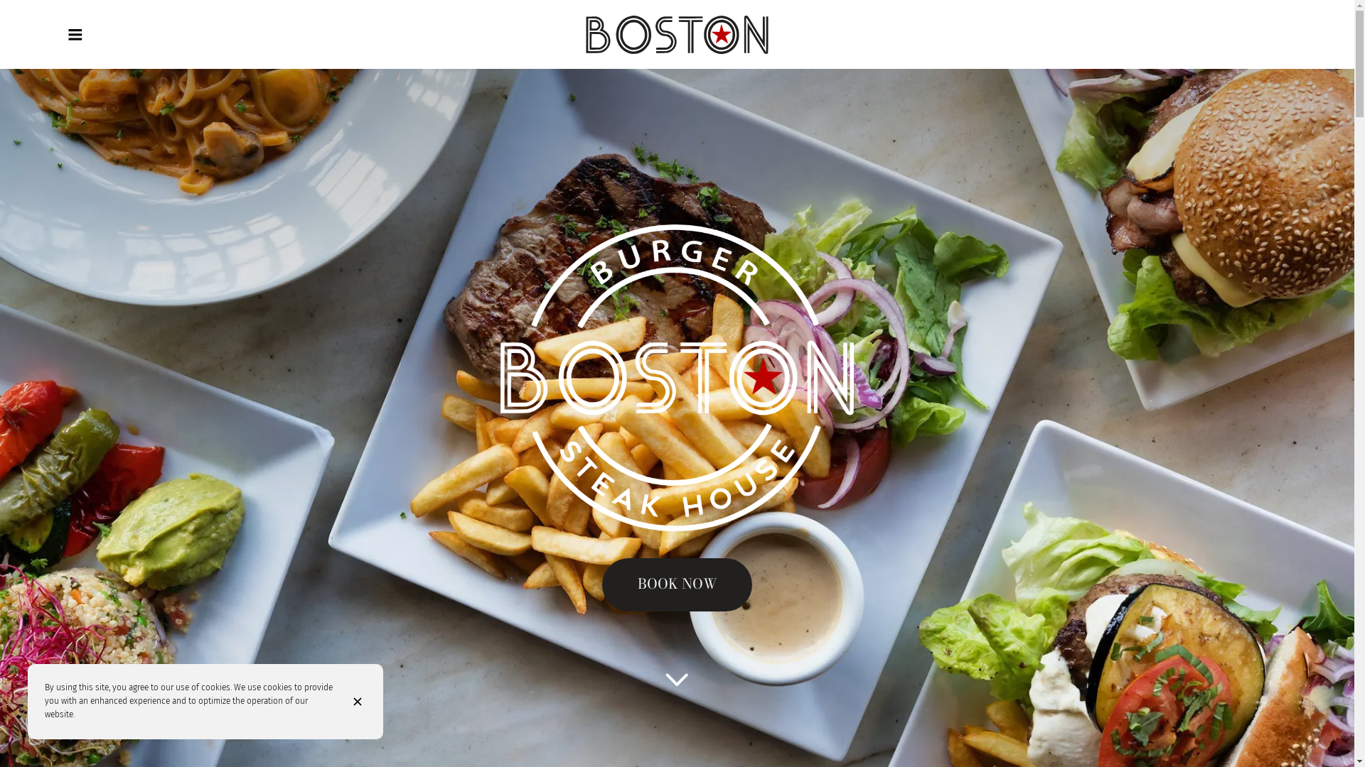 This screenshot has width=1365, height=767. I want to click on 'BOSTON STEAK HOUSE', so click(676, 34).